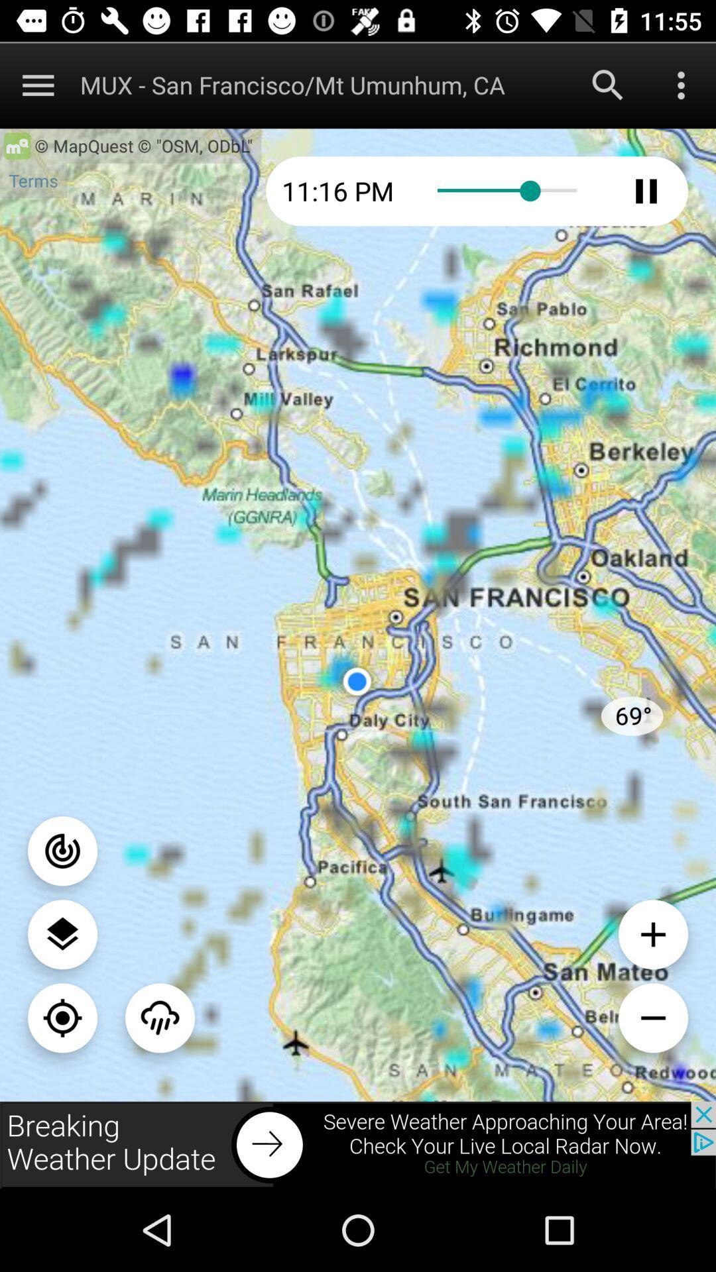  What do you see at coordinates (652, 1017) in the screenshot?
I see `zoom out` at bounding box center [652, 1017].